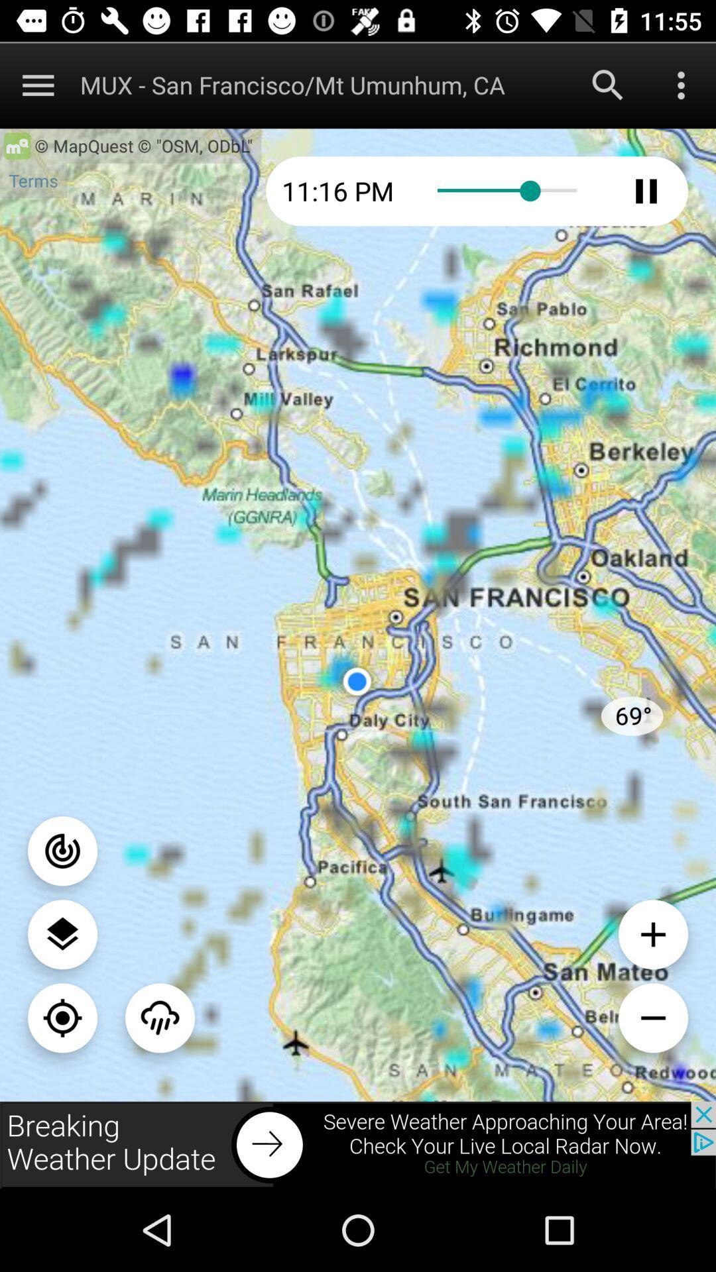  What do you see at coordinates (652, 1017) in the screenshot?
I see `zoom out` at bounding box center [652, 1017].